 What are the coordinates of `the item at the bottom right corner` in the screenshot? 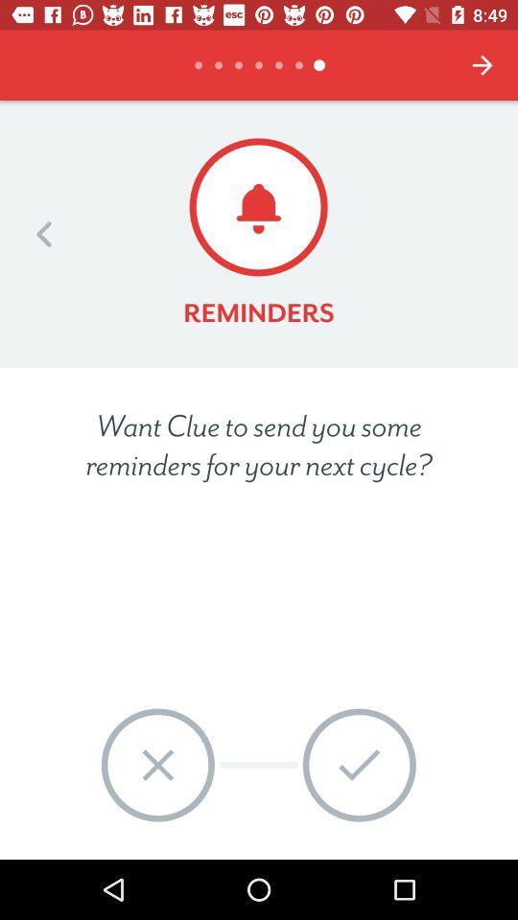 It's located at (359, 765).